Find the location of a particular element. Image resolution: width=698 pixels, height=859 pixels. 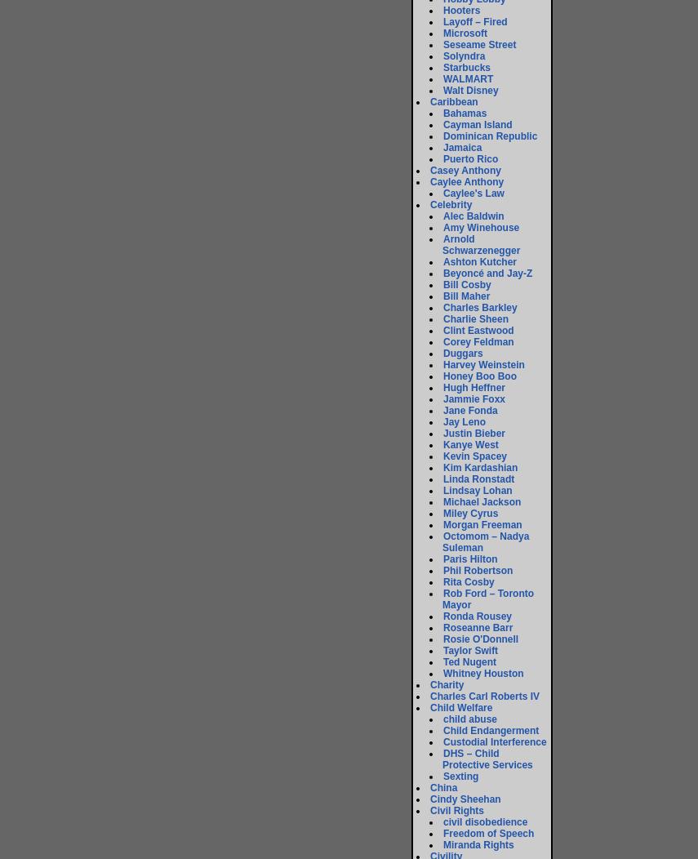

'Amy Winehouse' is located at coordinates (480, 227).